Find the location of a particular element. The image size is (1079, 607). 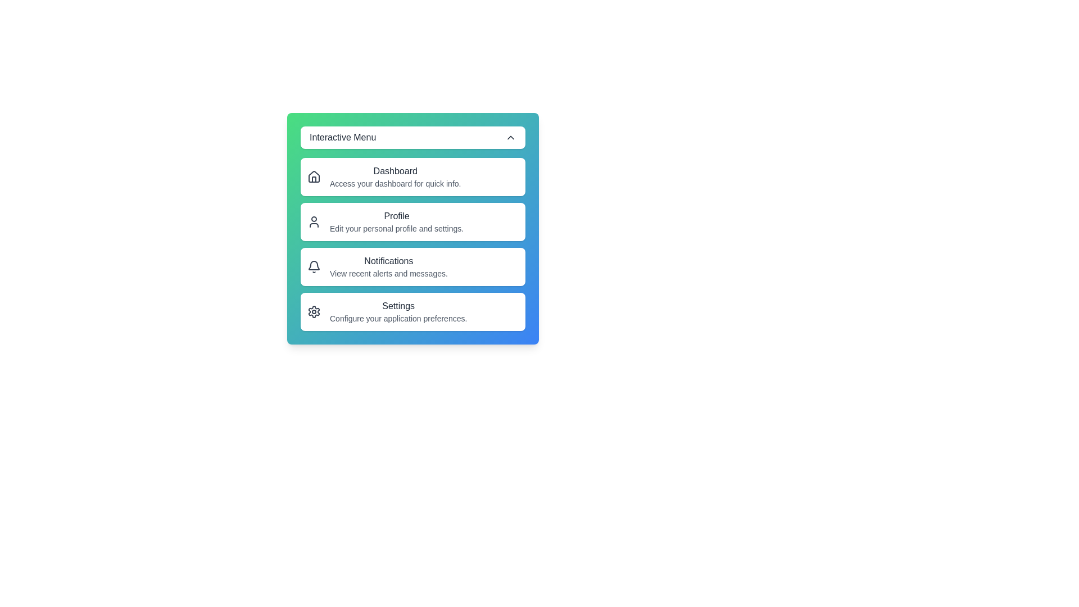

the icon corresponding to Settings to indicate the action is located at coordinates (314, 312).